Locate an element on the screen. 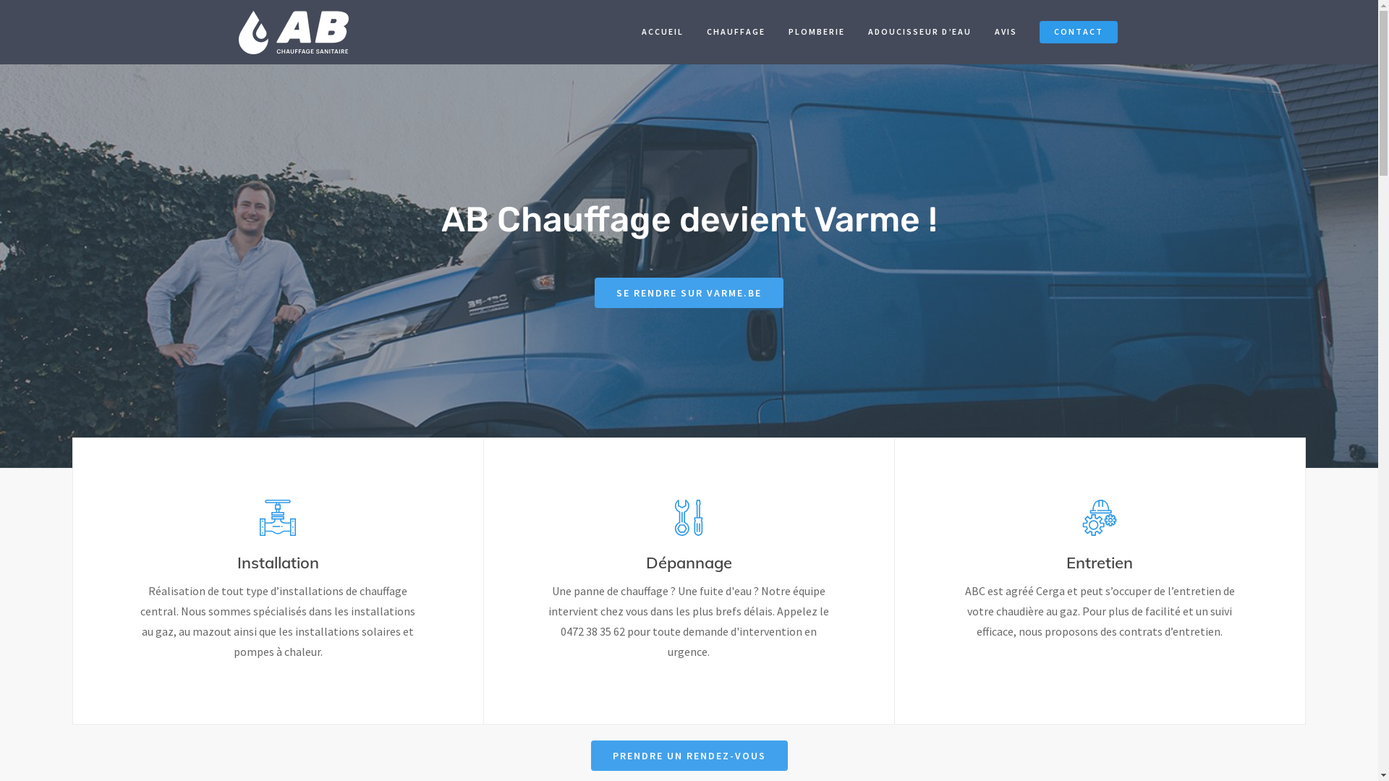  'CHAUFFAGE' is located at coordinates (736, 36).